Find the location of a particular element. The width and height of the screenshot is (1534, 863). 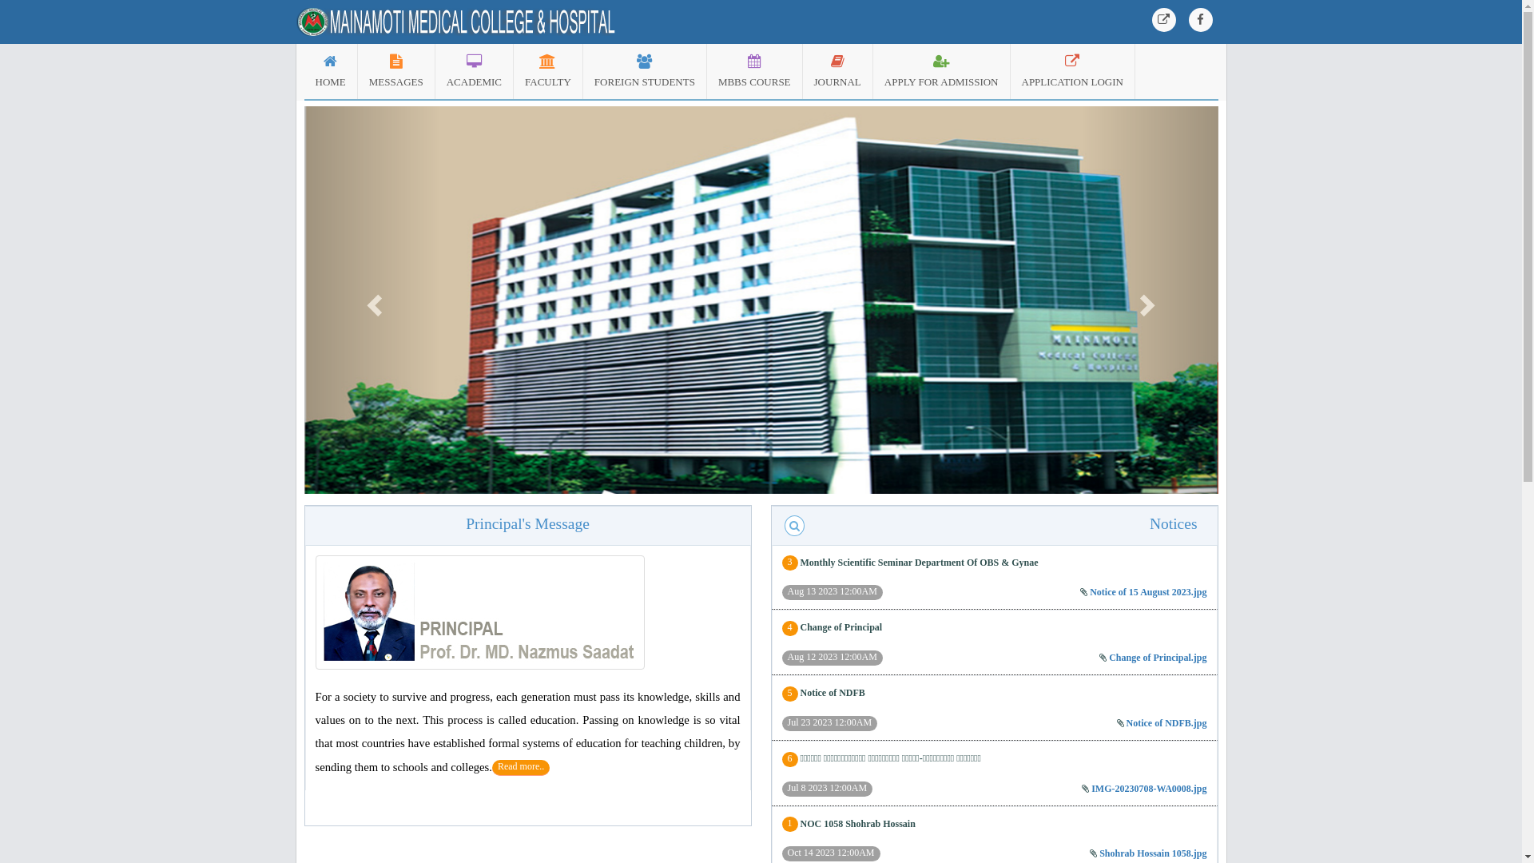

'IMG-20230708-WA0008.jpg' is located at coordinates (1091, 788).